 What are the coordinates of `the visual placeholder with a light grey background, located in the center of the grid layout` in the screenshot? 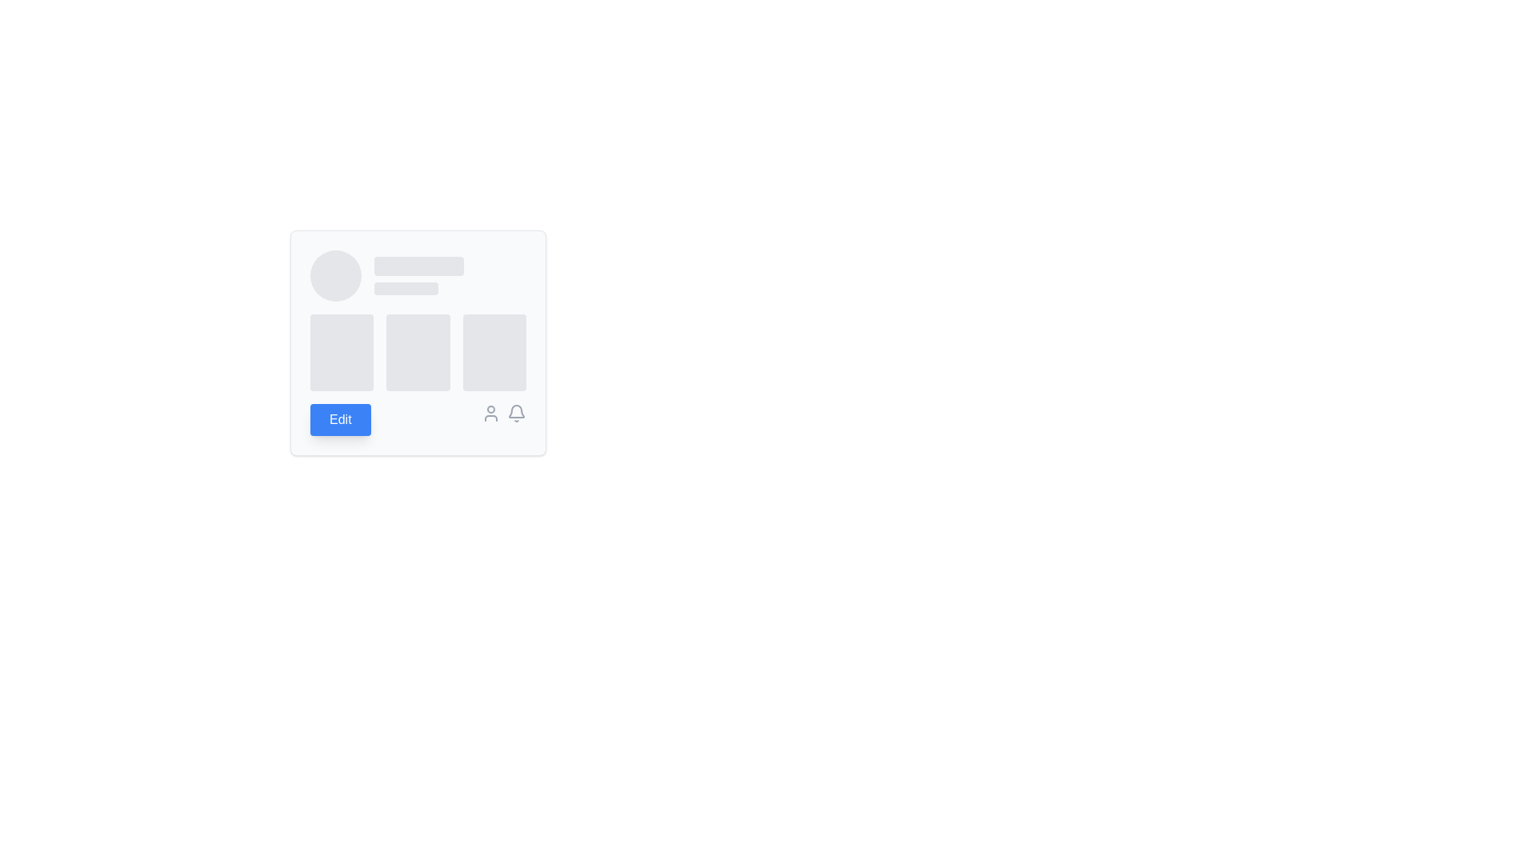 It's located at (418, 342).